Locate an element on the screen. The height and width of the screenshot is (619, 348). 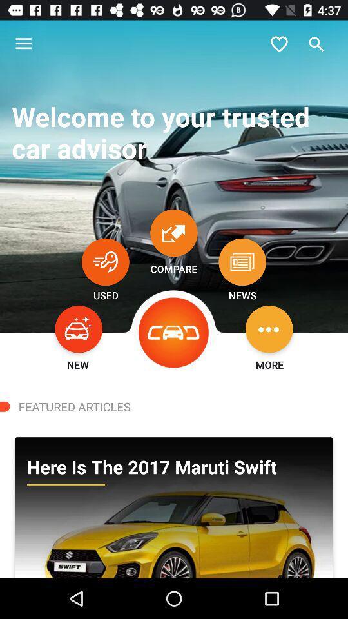
compare is located at coordinates (174, 232).